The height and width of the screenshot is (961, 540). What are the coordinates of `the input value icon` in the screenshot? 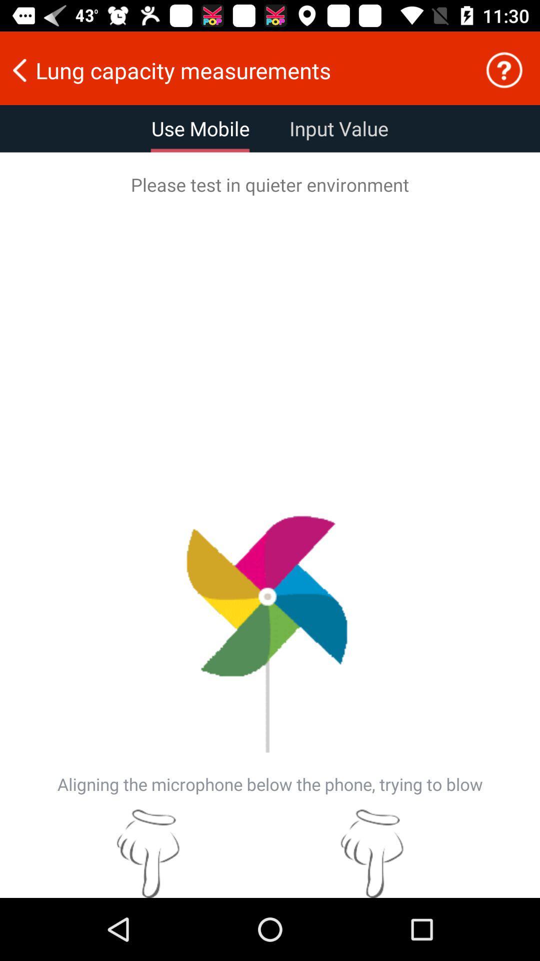 It's located at (338, 128).